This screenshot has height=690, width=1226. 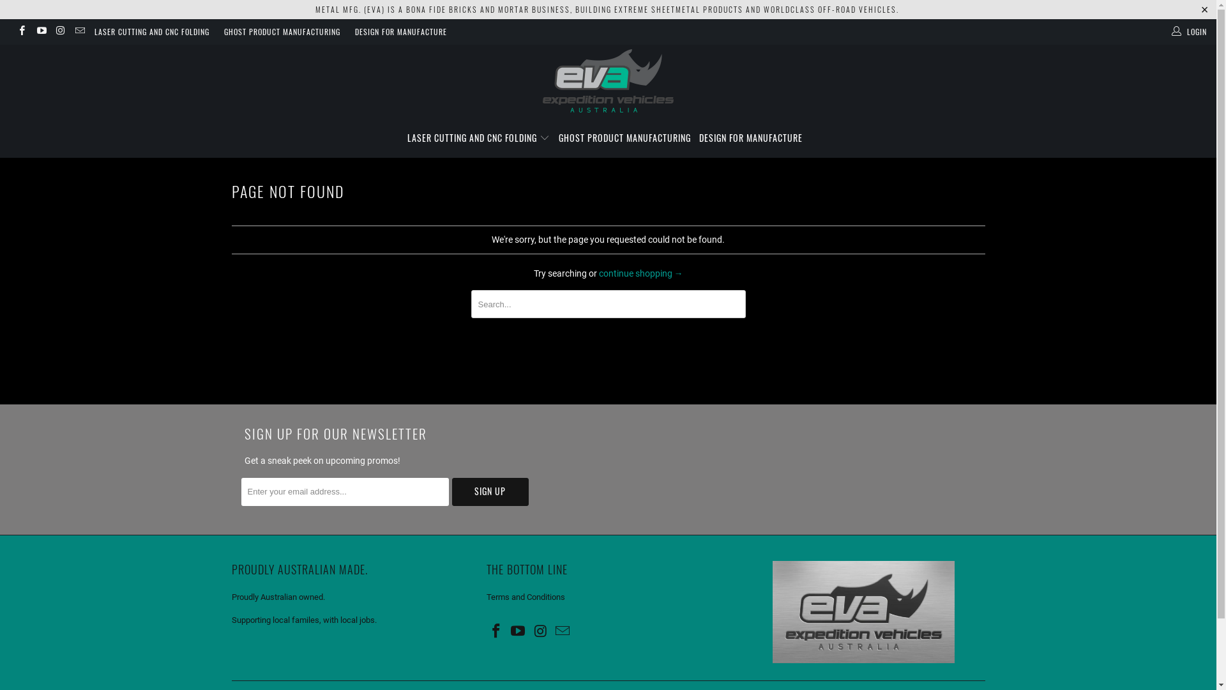 What do you see at coordinates (698, 138) in the screenshot?
I see `'DESIGN FOR MANUFACTURE'` at bounding box center [698, 138].